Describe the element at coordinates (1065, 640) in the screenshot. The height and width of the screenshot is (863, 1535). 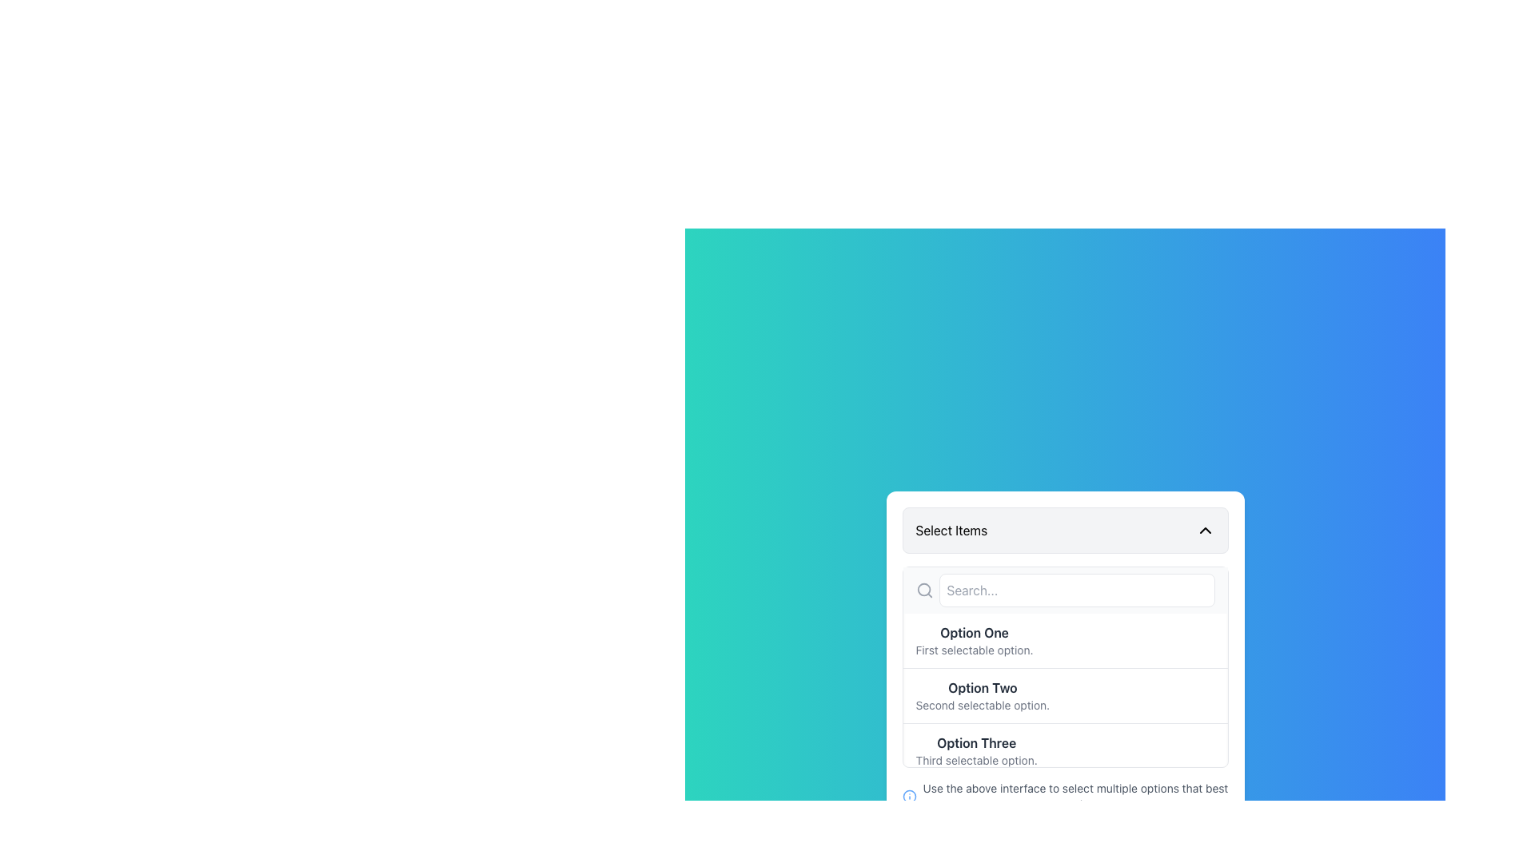
I see `the first selectable option in the dropdown menu, which provides additional information through a subtitle` at that location.